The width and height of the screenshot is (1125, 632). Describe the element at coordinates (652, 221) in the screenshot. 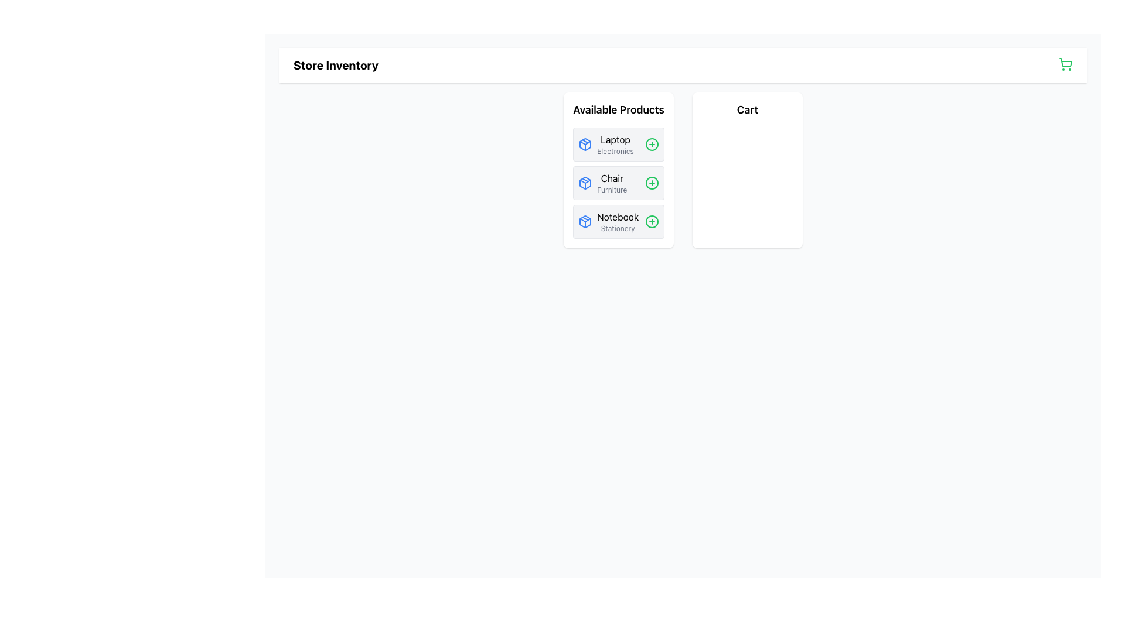

I see `the circular decorative element featuring a green '+' icon located to the right of the 'Notebook Stationary' list entry in the 'Available Products' section` at that location.